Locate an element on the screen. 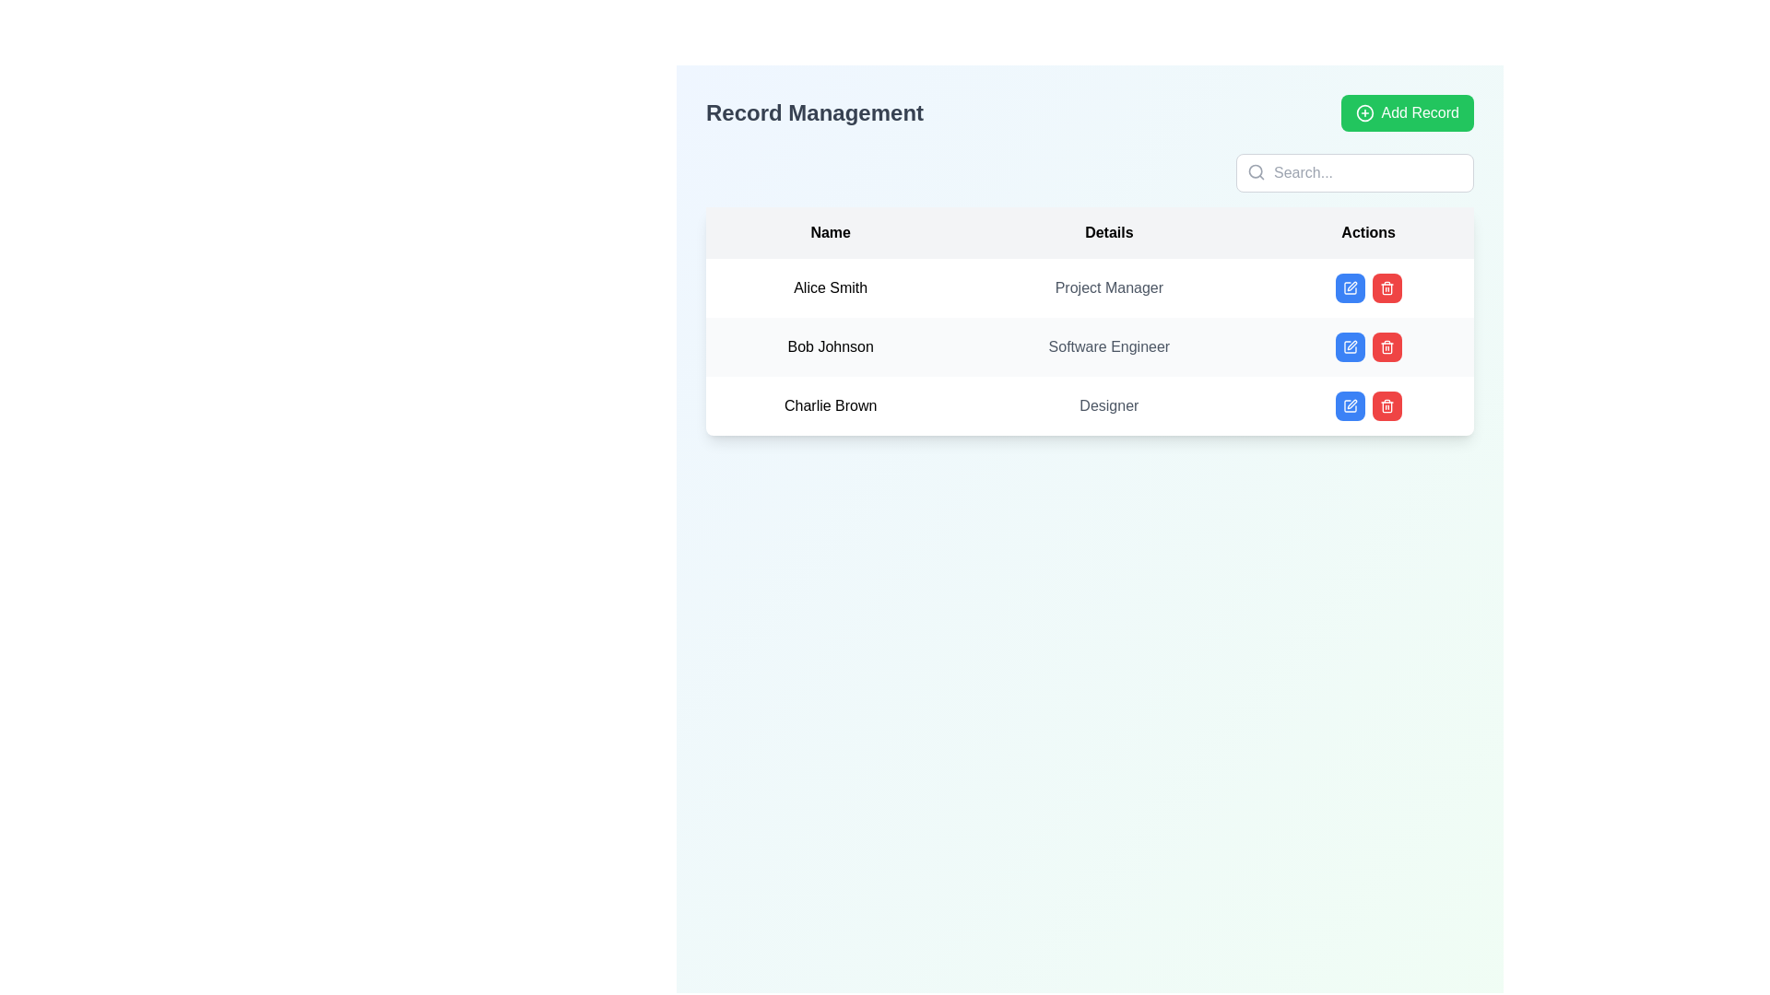 The image size is (1770, 995). the 'Add Record' button, which contains the visual indicator icon for adding a new record, located in the top-right corner of the interface is located at coordinates (1364, 113).